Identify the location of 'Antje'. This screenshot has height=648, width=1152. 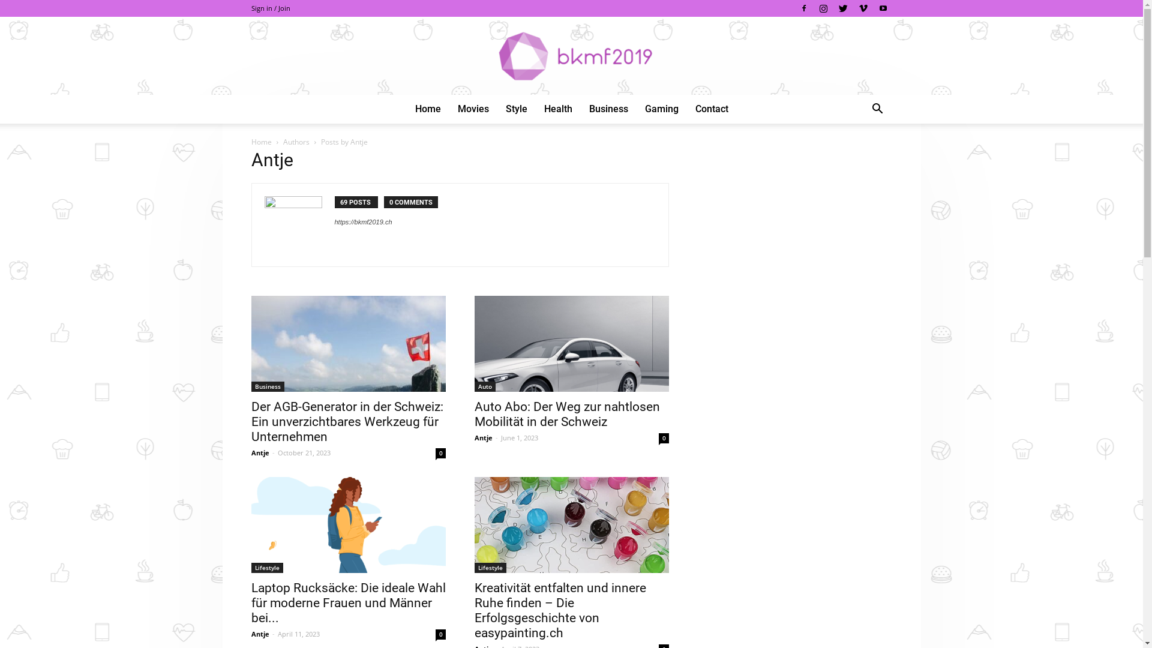
(483, 437).